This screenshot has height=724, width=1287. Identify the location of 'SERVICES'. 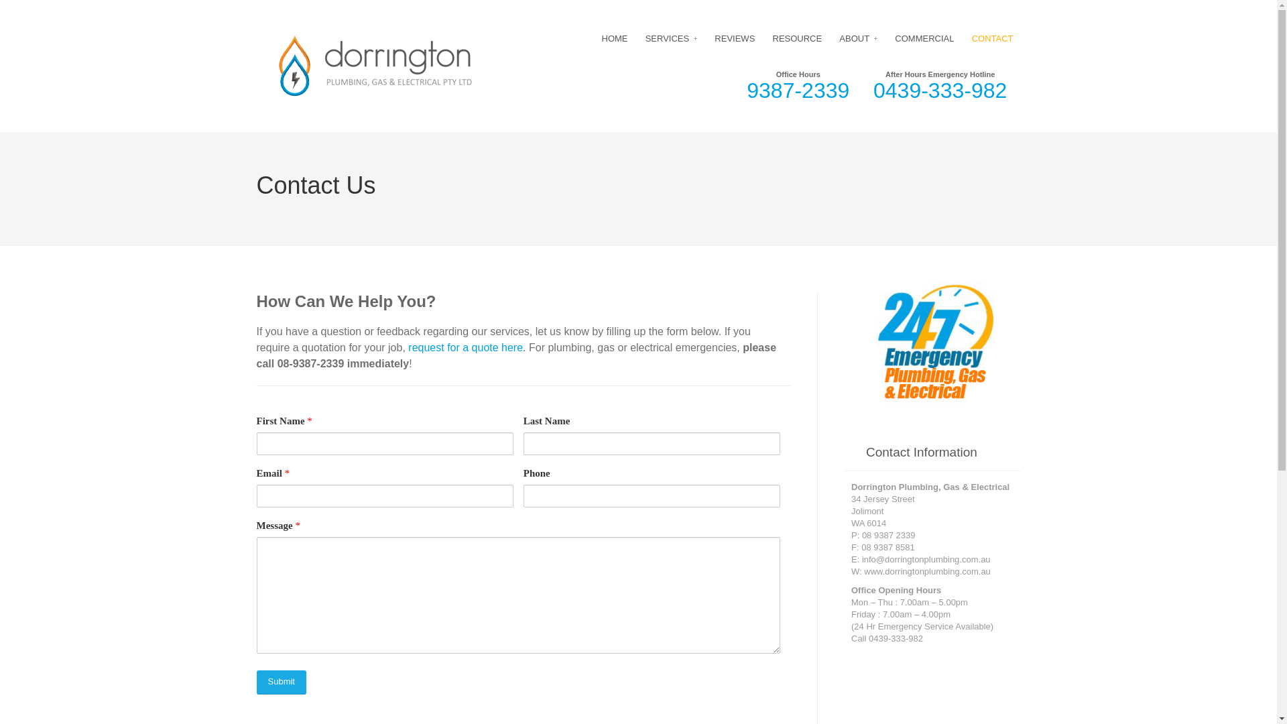
(672, 38).